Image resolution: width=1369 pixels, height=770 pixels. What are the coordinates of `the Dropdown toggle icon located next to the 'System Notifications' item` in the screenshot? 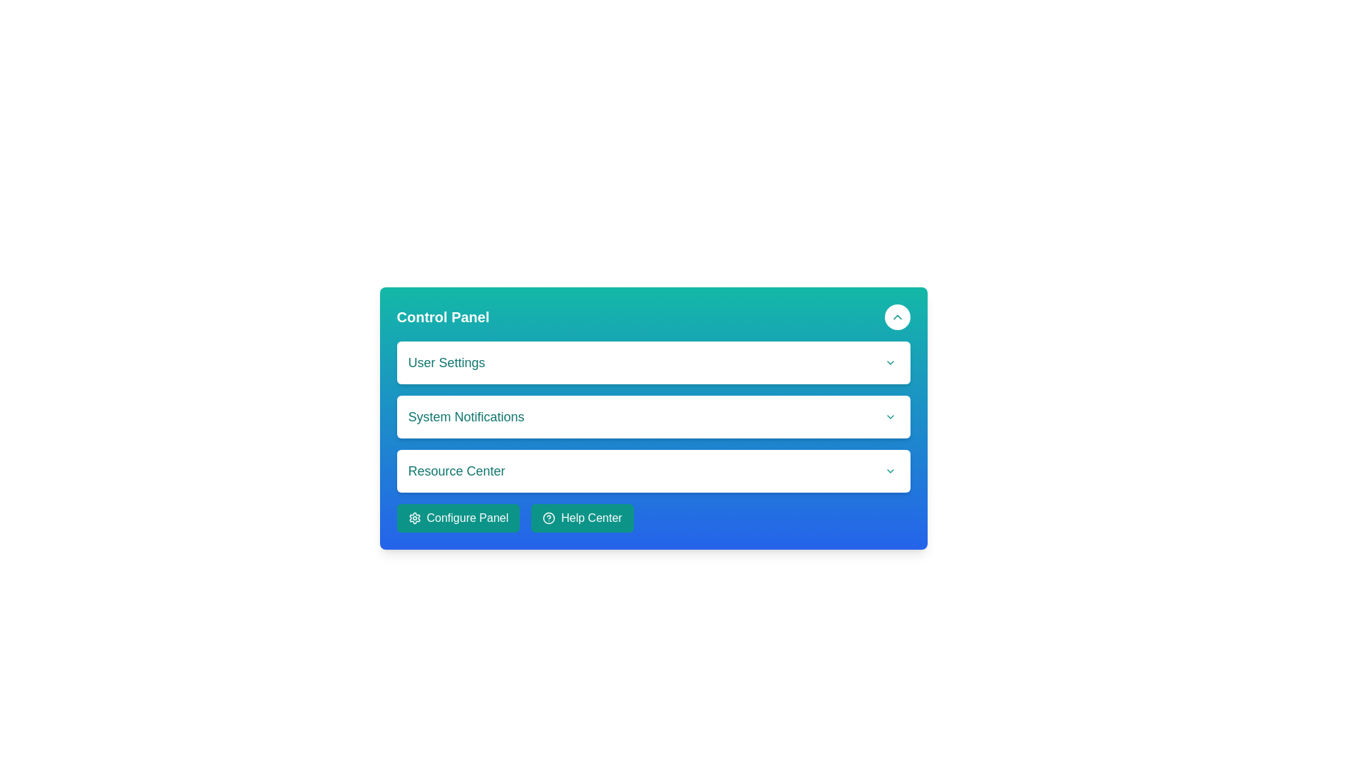 It's located at (889, 417).